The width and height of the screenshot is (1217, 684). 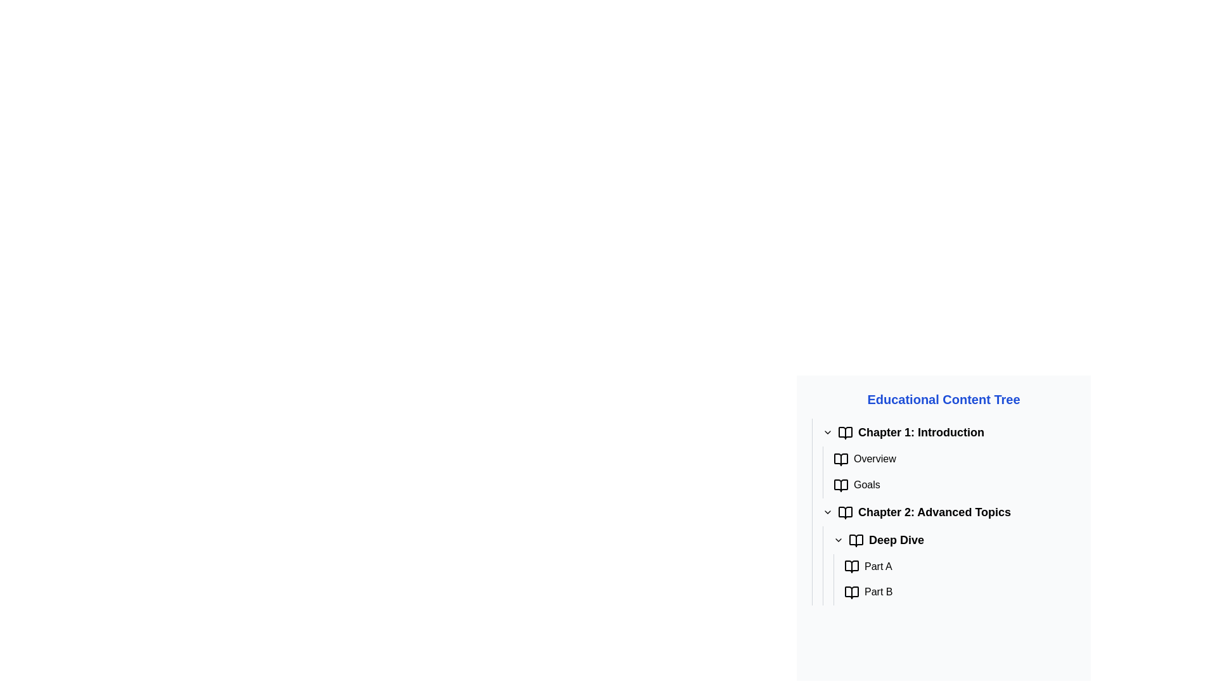 I want to click on the icon representing 'Chapter 2: Advanced Topics' in the Educational Content Tree, which serves as a visual indicator for the chapter, located to the left of the chapter title text, so click(x=846, y=512).